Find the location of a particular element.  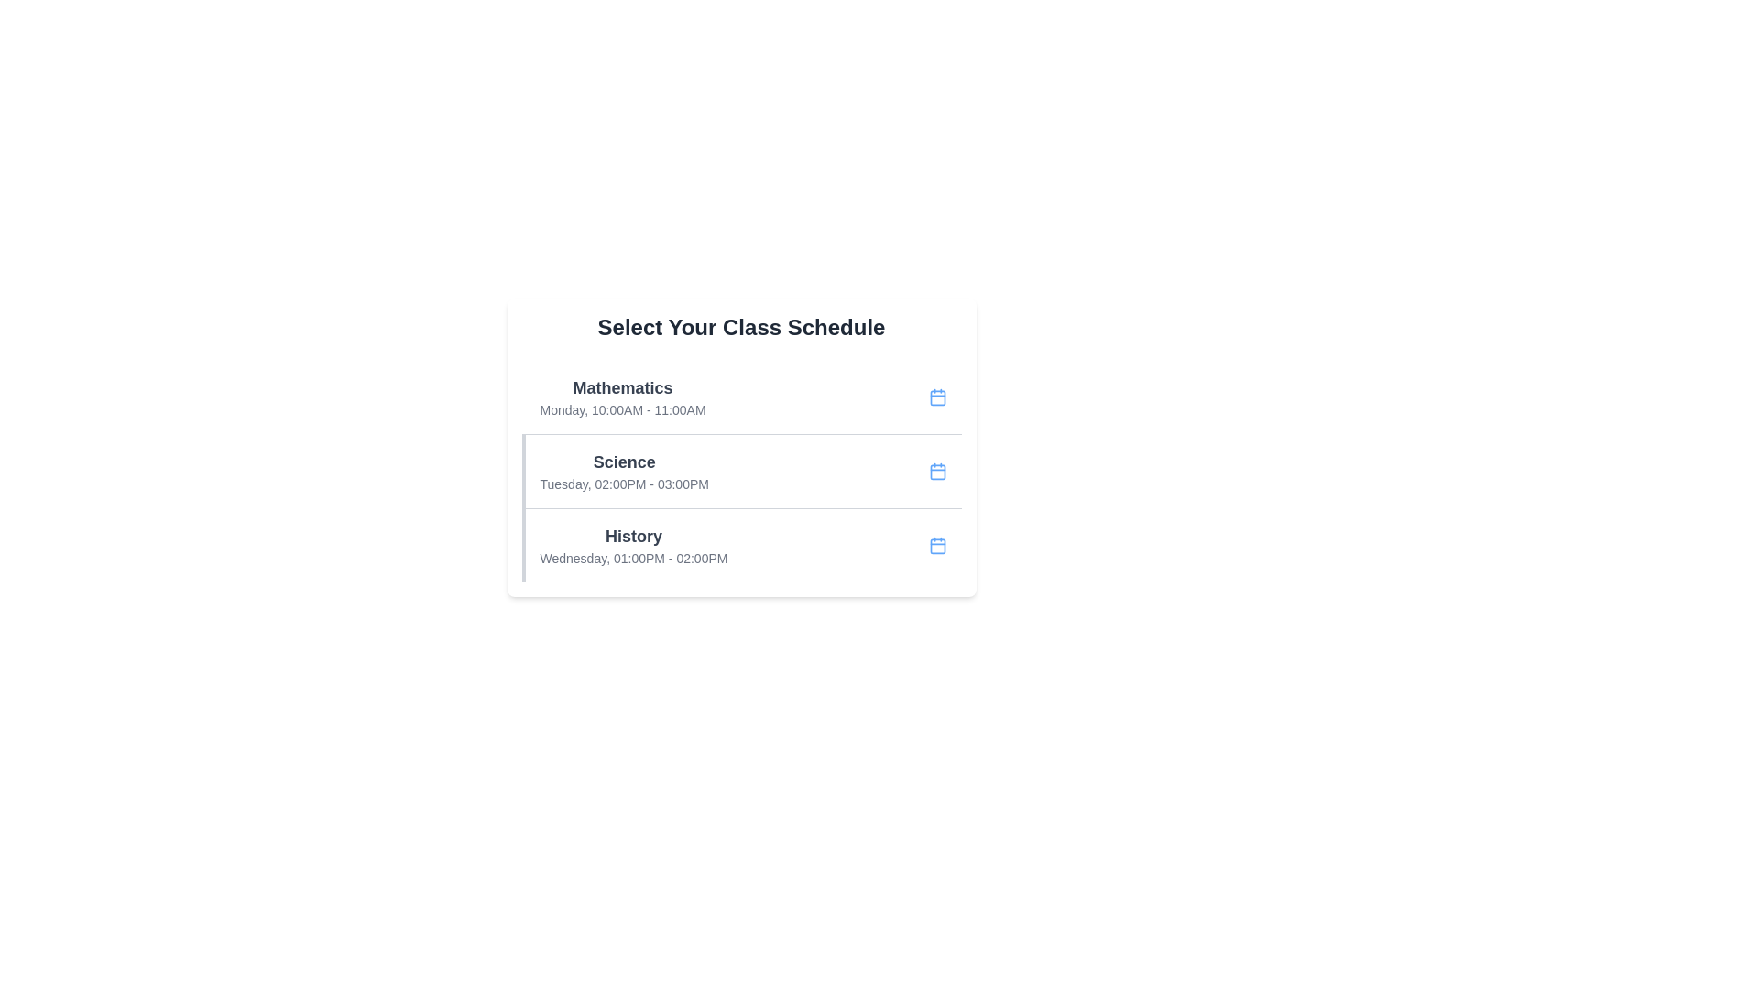

the bold text label saying 'History' which serves as the title for the third class entry in the schedule interface is located at coordinates (633, 536).